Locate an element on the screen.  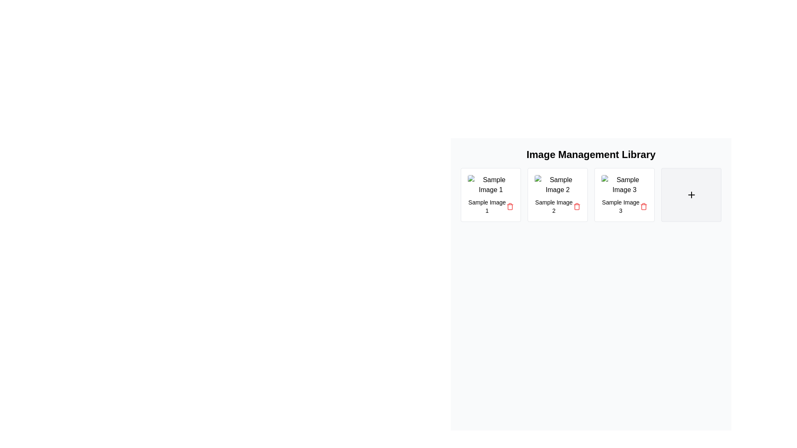
the image with a placeholder design featuring a mountain and sun icon is located at coordinates (557, 185).